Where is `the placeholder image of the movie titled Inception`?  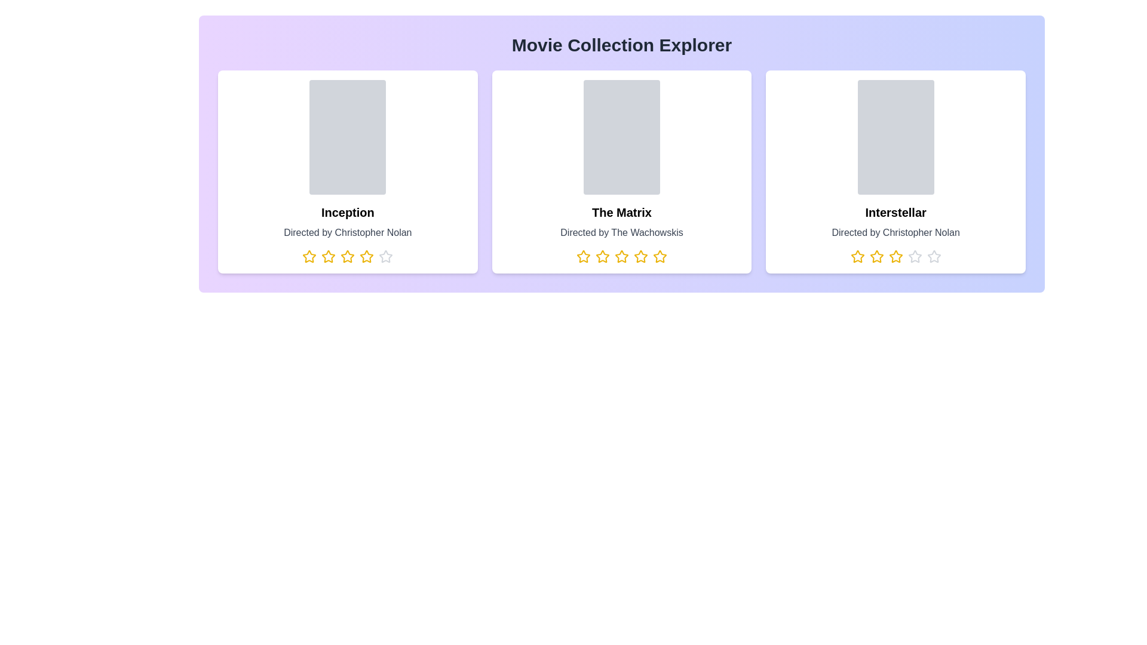
the placeholder image of the movie titled Inception is located at coordinates (346, 137).